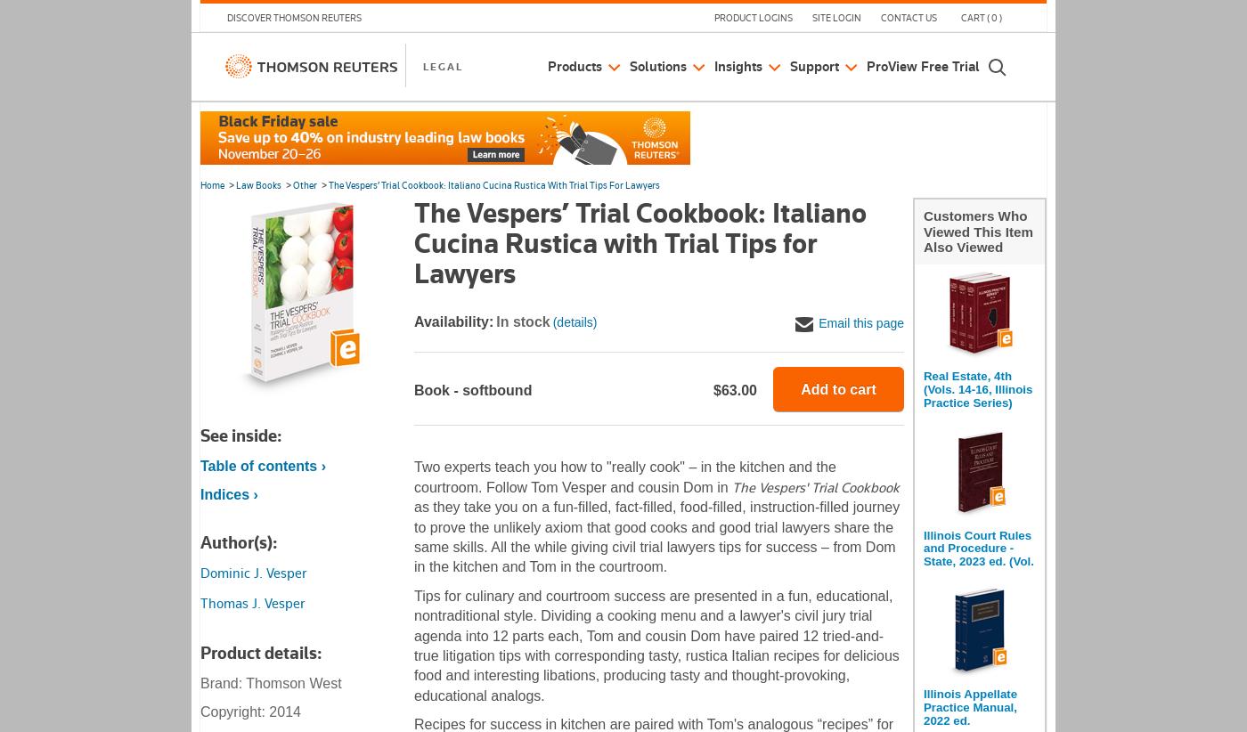  I want to click on 'Other', so click(293, 185).